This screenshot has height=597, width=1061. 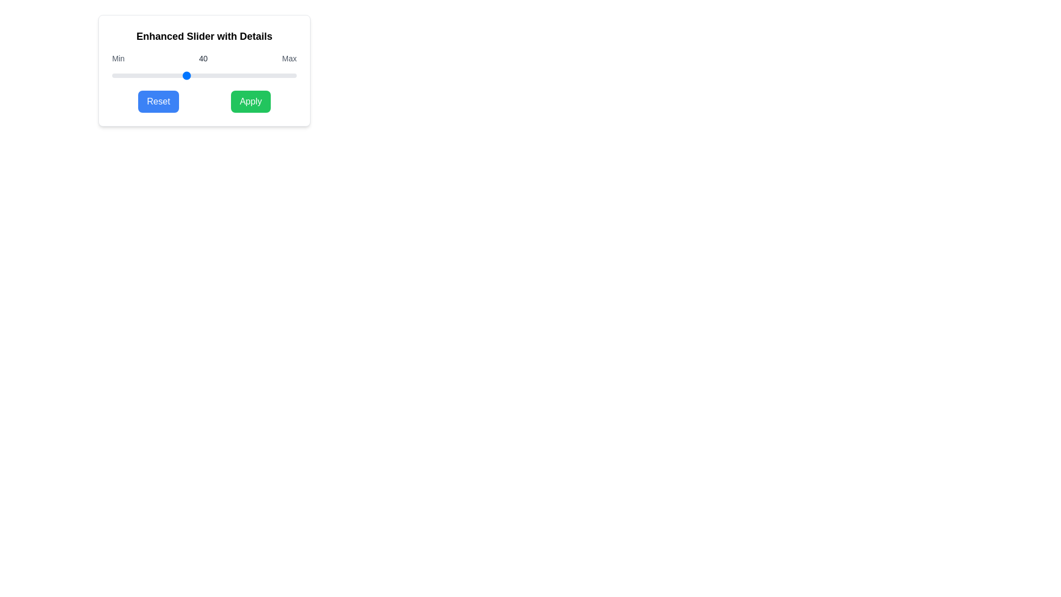 What do you see at coordinates (228, 75) in the screenshot?
I see `the slider` at bounding box center [228, 75].